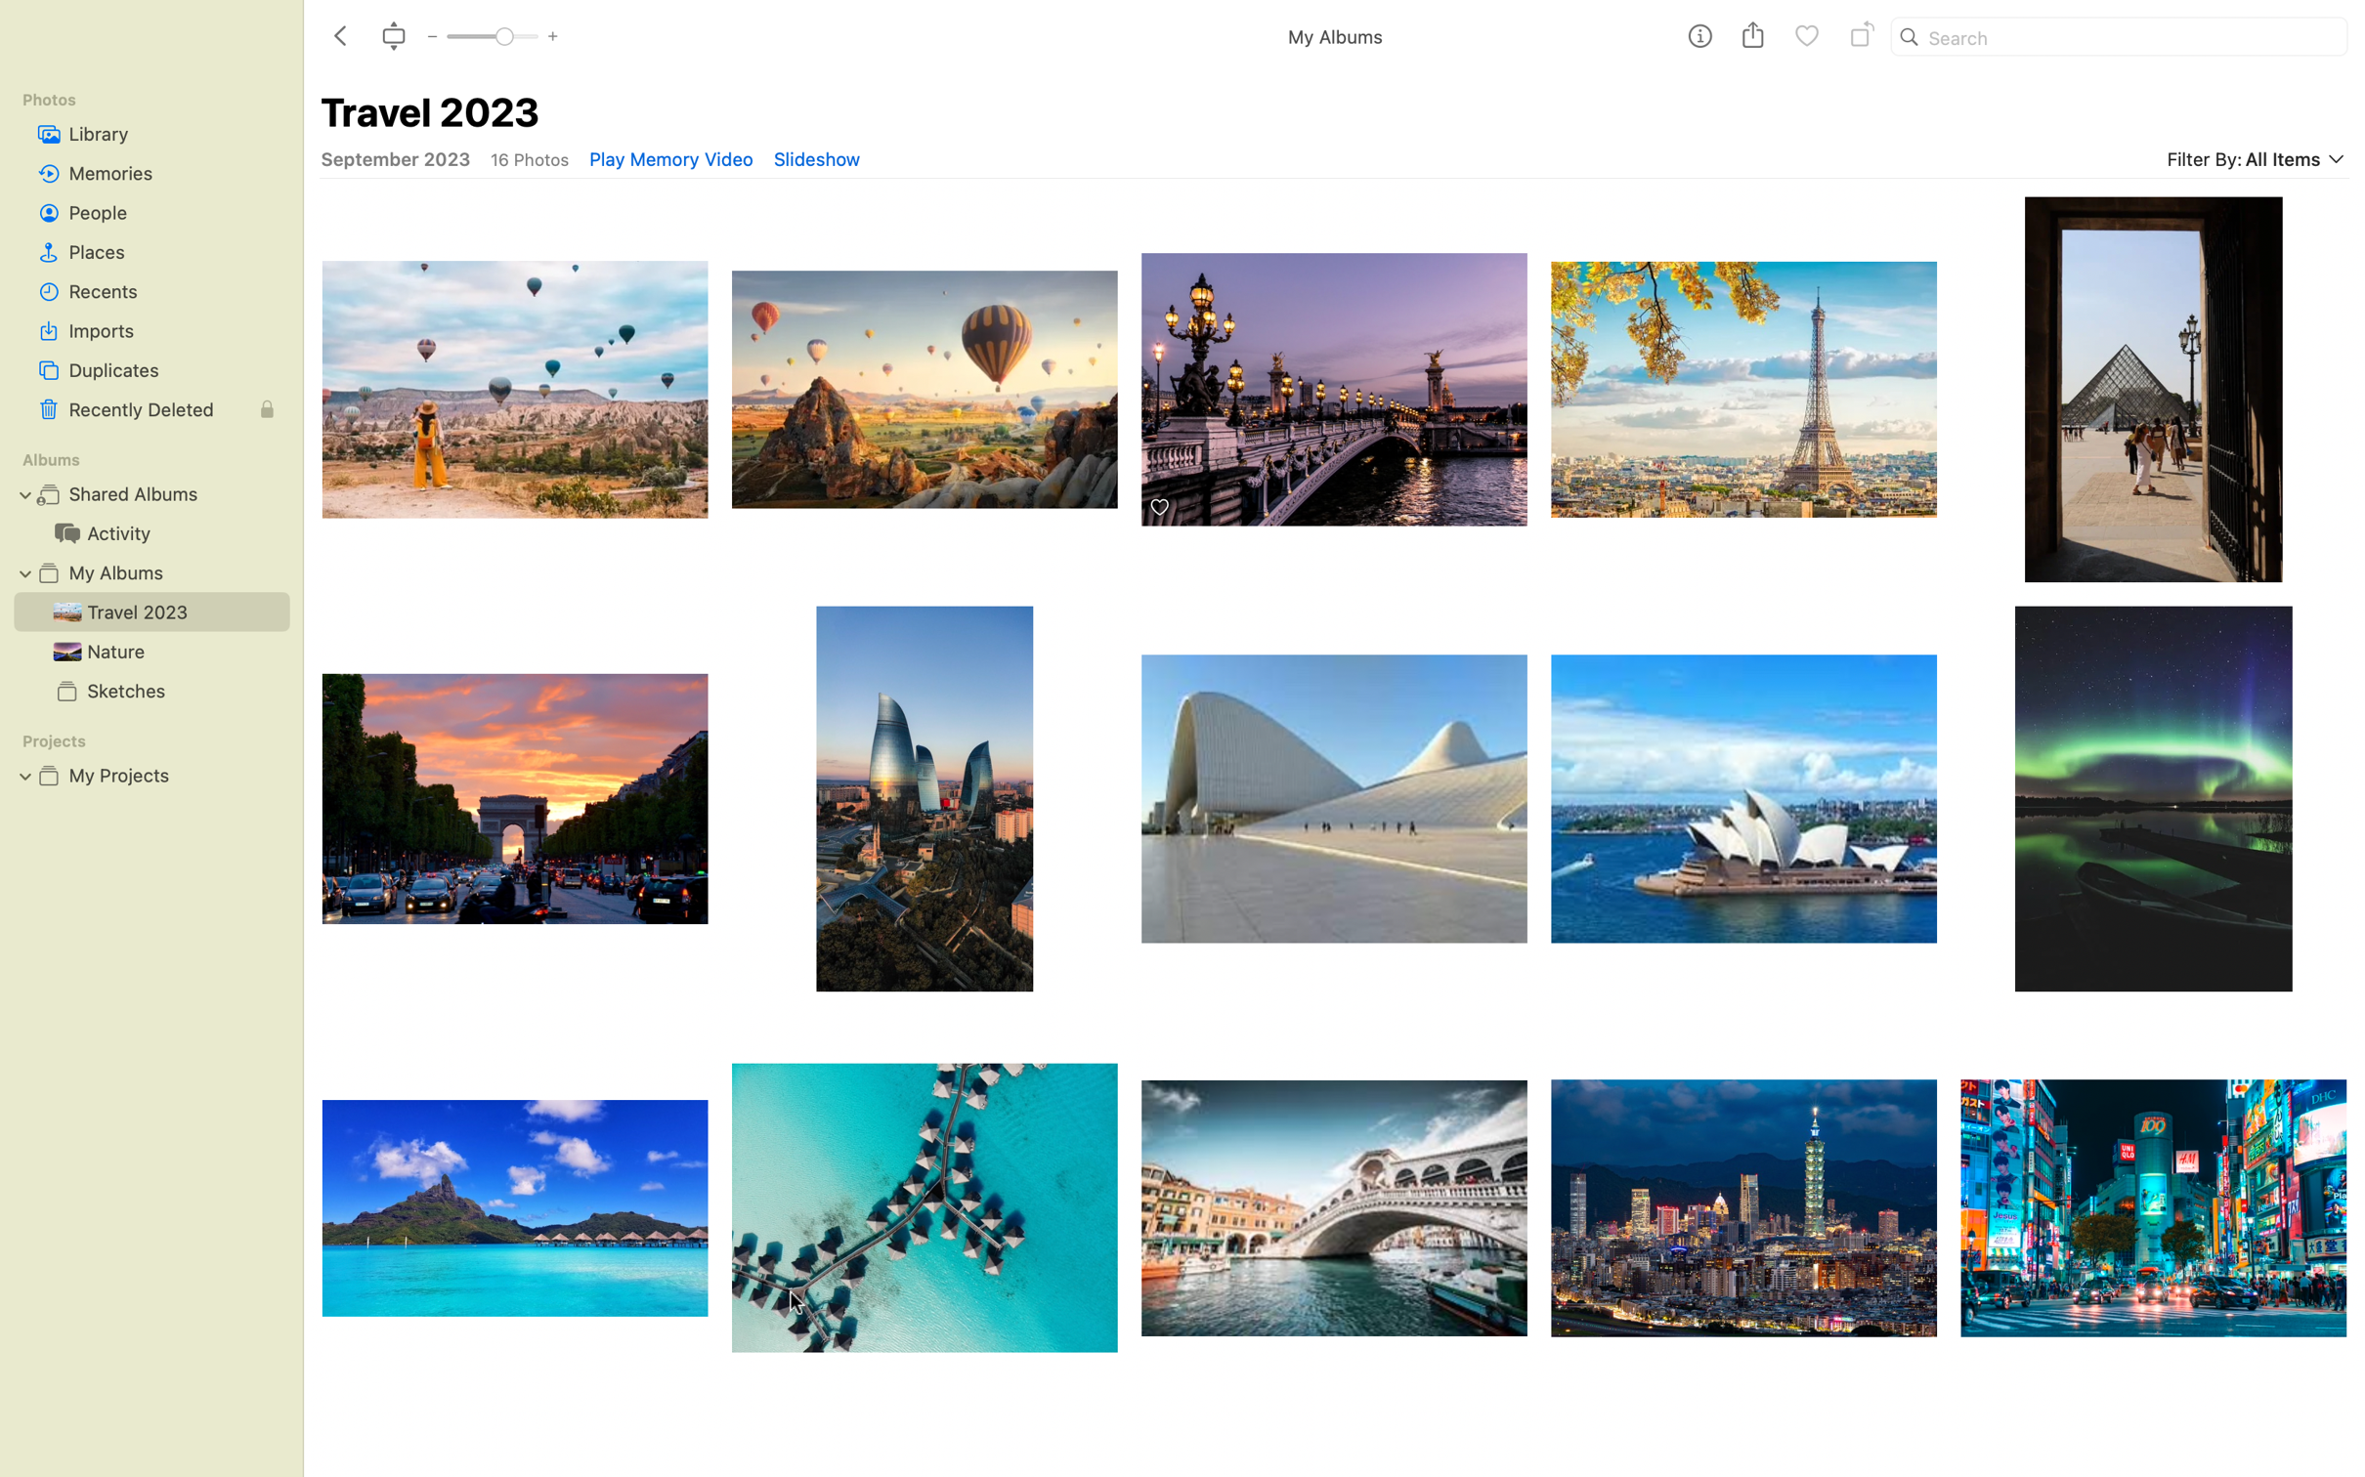 This screenshot has height=1477, width=2365. Describe the element at coordinates (511, 799) in the screenshot. I see `Turn the Arc de Triomphe picture thrice clockwise` at that location.